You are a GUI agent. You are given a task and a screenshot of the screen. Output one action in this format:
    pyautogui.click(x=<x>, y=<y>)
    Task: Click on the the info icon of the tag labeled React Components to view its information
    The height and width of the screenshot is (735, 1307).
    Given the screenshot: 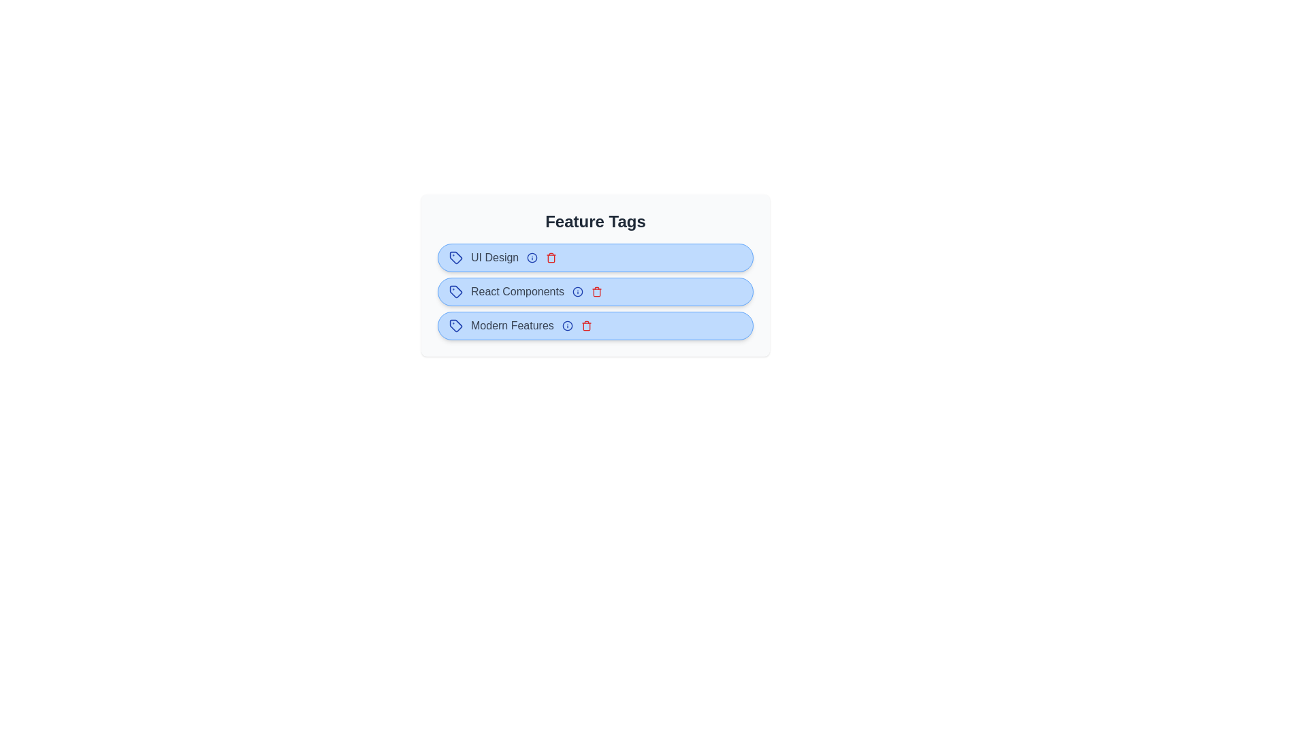 What is the action you would take?
    pyautogui.click(x=578, y=291)
    